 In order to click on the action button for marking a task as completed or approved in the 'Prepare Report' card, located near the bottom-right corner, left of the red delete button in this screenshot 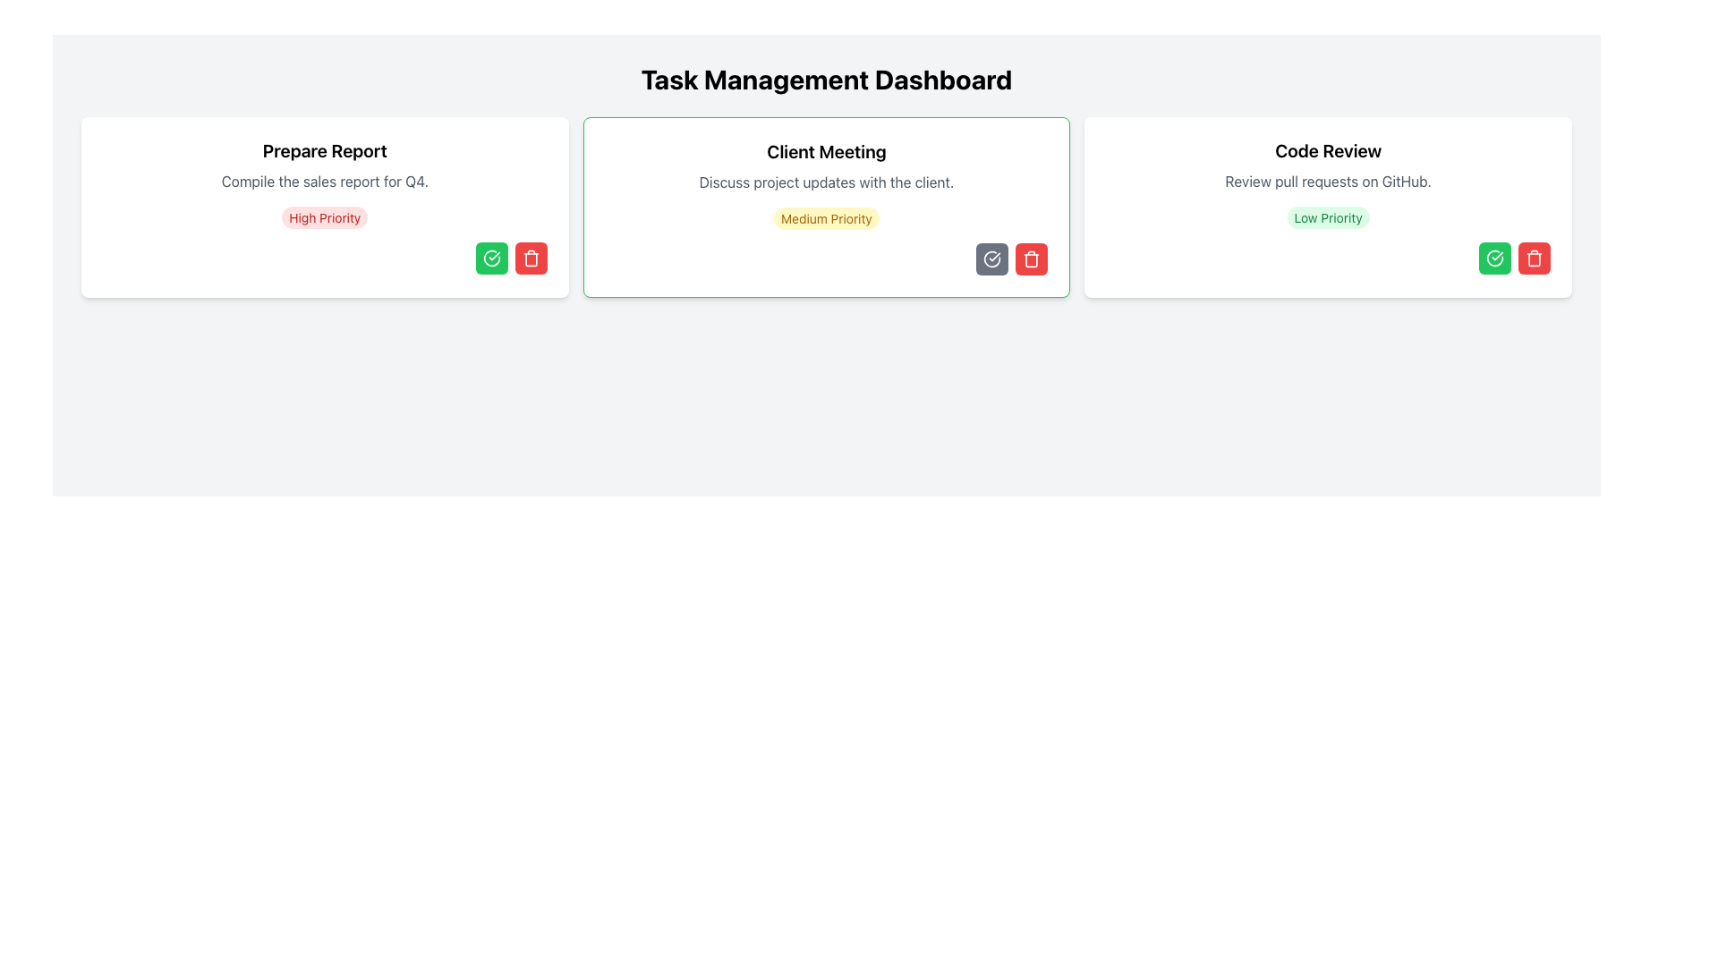, I will do `click(491, 258)`.